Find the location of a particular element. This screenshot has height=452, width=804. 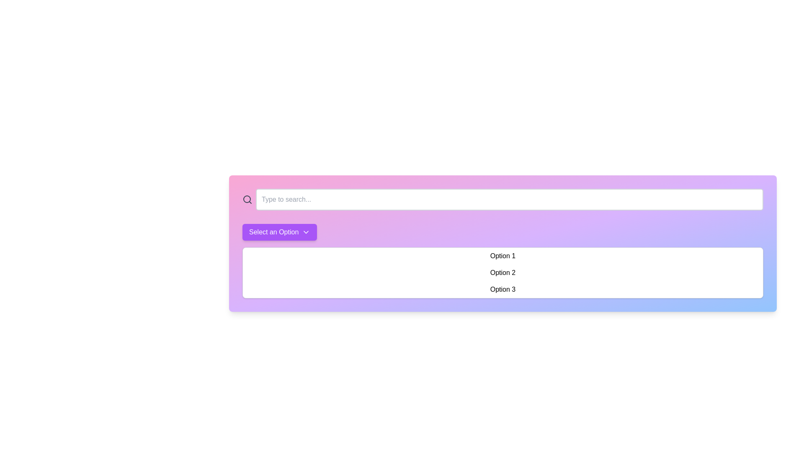

the Chevron Down Indicator icon located to the right of the 'Select an Option' button, which indicates that the button opens a dropdown list is located at coordinates (306, 232).